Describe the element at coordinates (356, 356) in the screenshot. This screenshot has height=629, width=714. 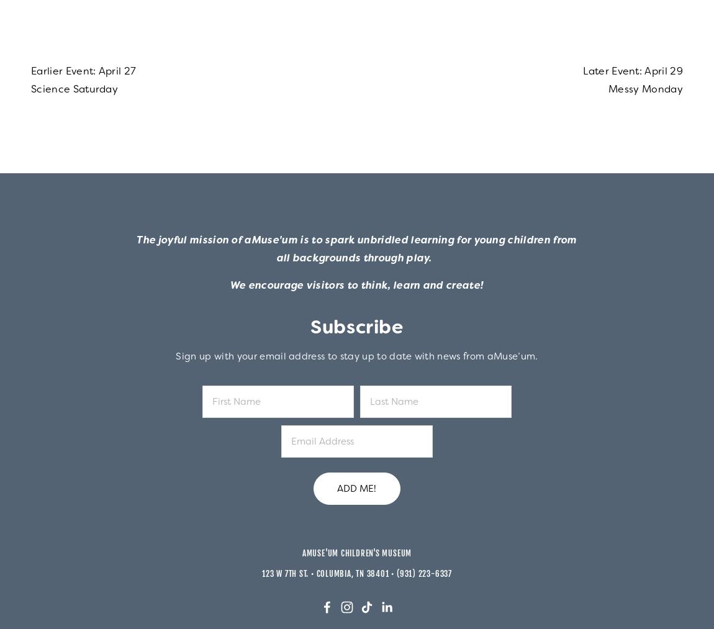
I see `'Sign up with your email address to stay up to date with news from aMuse’um.'` at that location.